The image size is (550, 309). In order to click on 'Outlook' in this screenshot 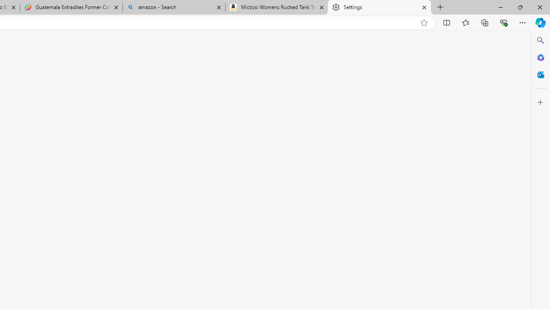, I will do `click(540, 74)`.